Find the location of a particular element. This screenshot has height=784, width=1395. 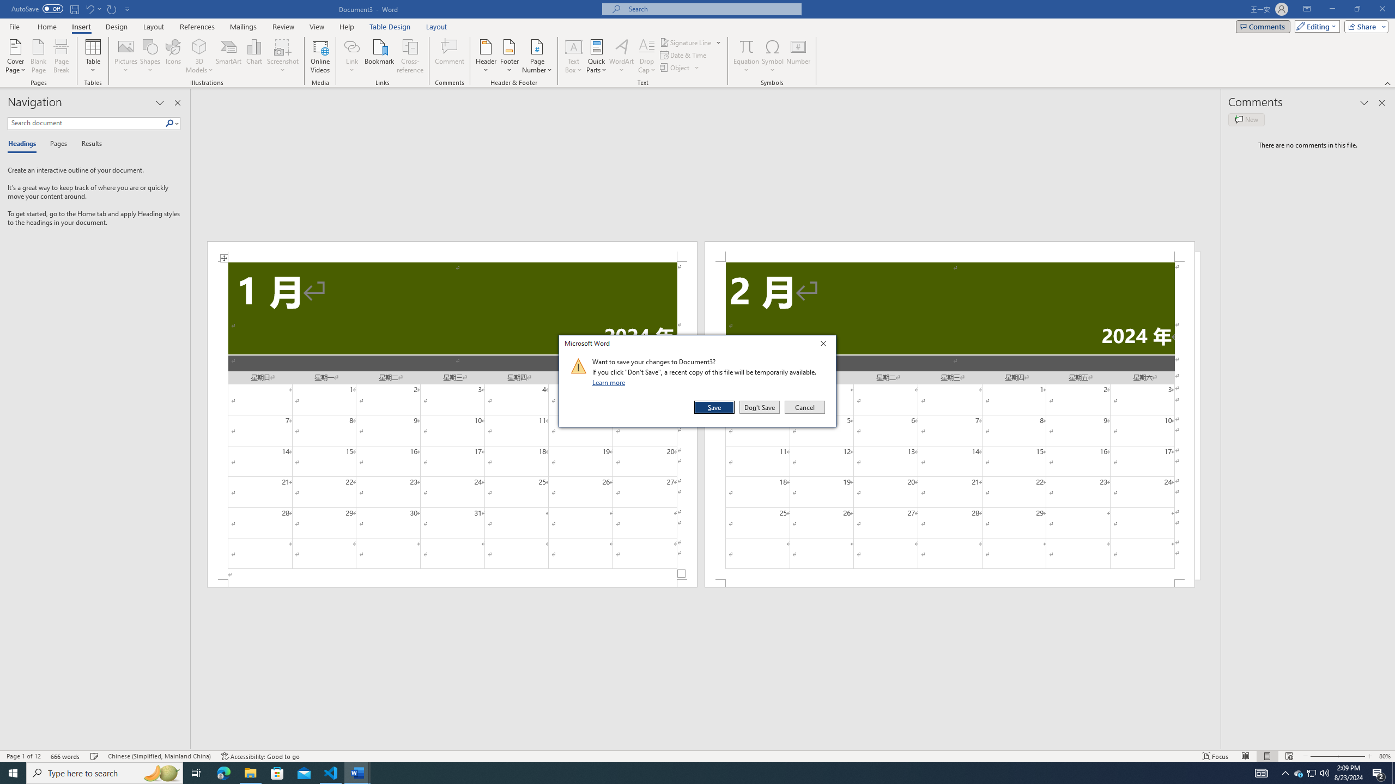

'Insert' is located at coordinates (80, 27).